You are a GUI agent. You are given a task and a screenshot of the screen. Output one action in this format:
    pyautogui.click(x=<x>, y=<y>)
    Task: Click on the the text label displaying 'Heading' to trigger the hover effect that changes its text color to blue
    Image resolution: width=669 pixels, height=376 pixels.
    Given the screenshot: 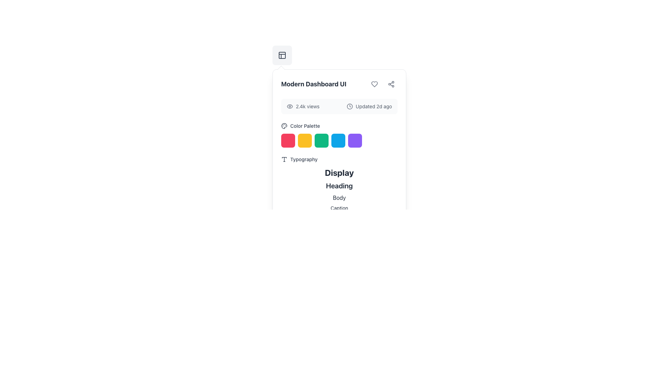 What is the action you would take?
    pyautogui.click(x=339, y=185)
    